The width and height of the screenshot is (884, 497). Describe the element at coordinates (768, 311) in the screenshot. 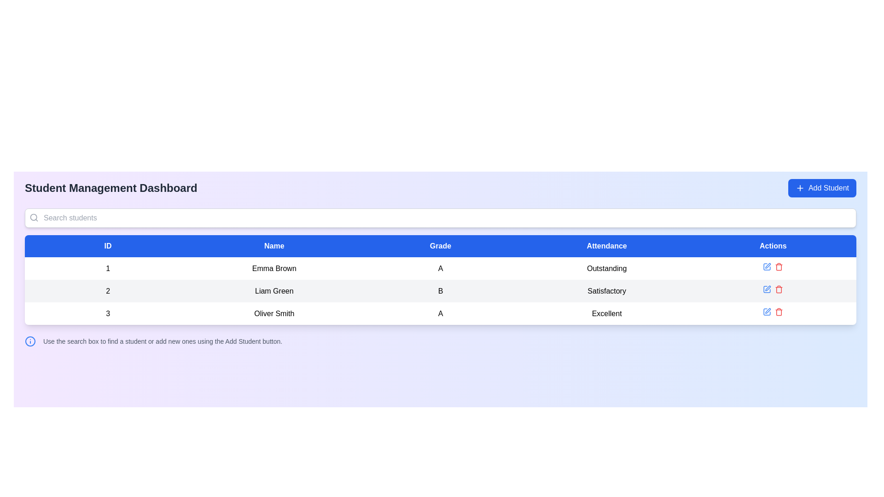

I see `the edit icon button in the Actions column of the third row` at that location.